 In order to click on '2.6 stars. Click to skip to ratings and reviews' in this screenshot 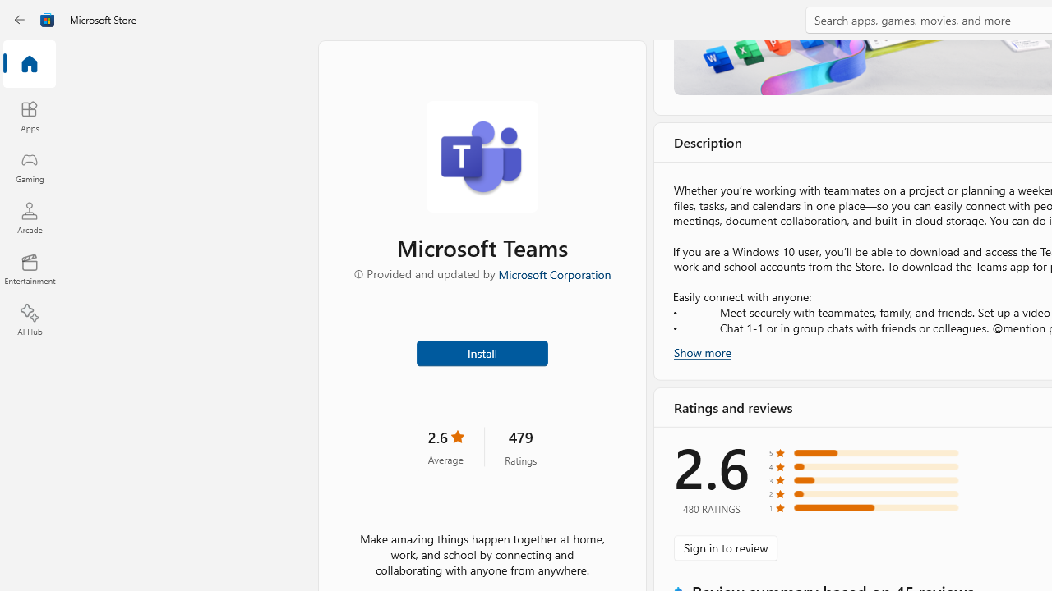, I will do `click(445, 446)`.